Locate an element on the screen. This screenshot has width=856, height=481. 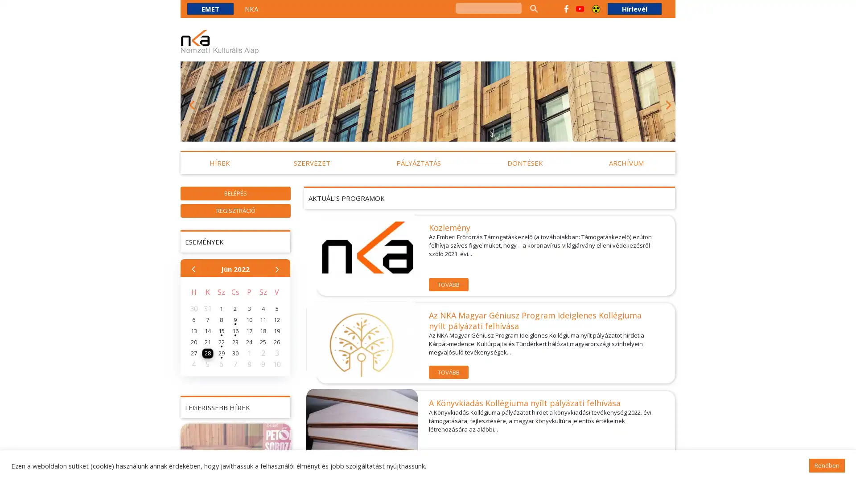
Rendben is located at coordinates (826, 465).